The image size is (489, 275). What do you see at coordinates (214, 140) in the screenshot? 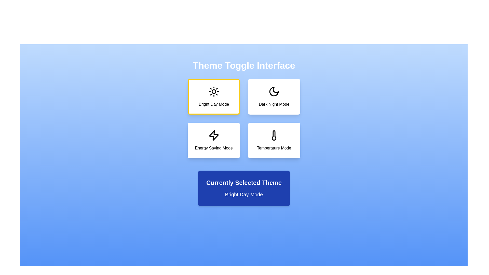
I see `the theme Energy Saving Mode by clicking its button` at bounding box center [214, 140].